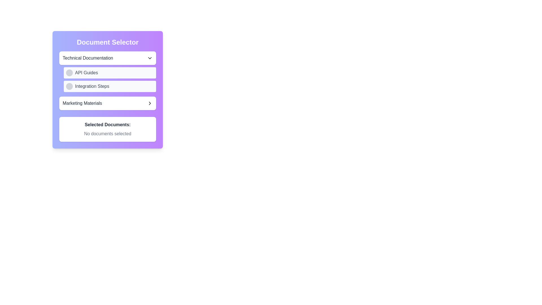 Image resolution: width=542 pixels, height=305 pixels. I want to click on the chevron icon located near the right edge of the 'Marketing Materials' checkbox label, so click(150, 103).